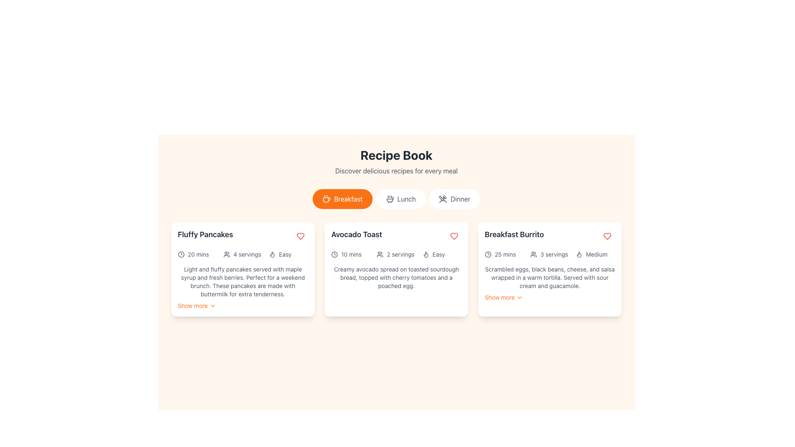 The image size is (795, 447). Describe the element at coordinates (550, 254) in the screenshot. I see `details presented in the Informational label group displaying '25 mins', '3 servings', and 'Medium' beneath the 'Breakfast Burrito' title` at that location.